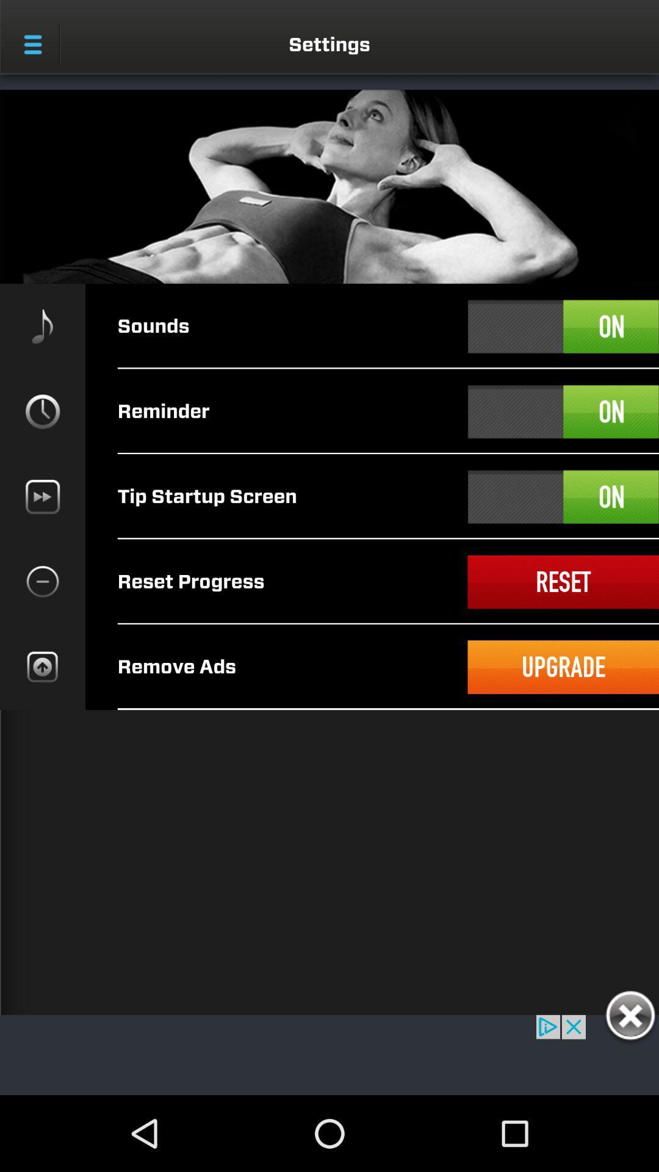 The width and height of the screenshot is (659, 1172). What do you see at coordinates (563, 411) in the screenshot?
I see `a select option` at bounding box center [563, 411].